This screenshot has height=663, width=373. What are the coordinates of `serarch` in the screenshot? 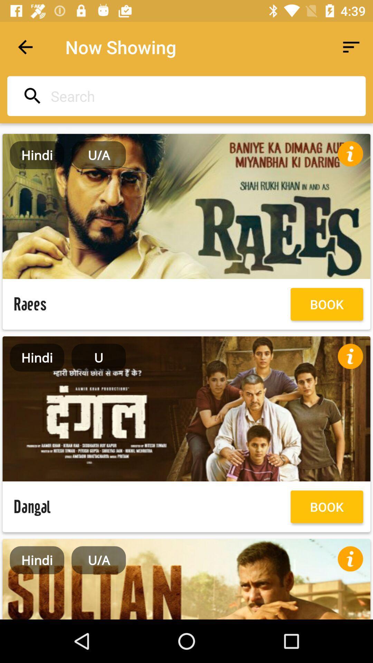 It's located at (184, 96).